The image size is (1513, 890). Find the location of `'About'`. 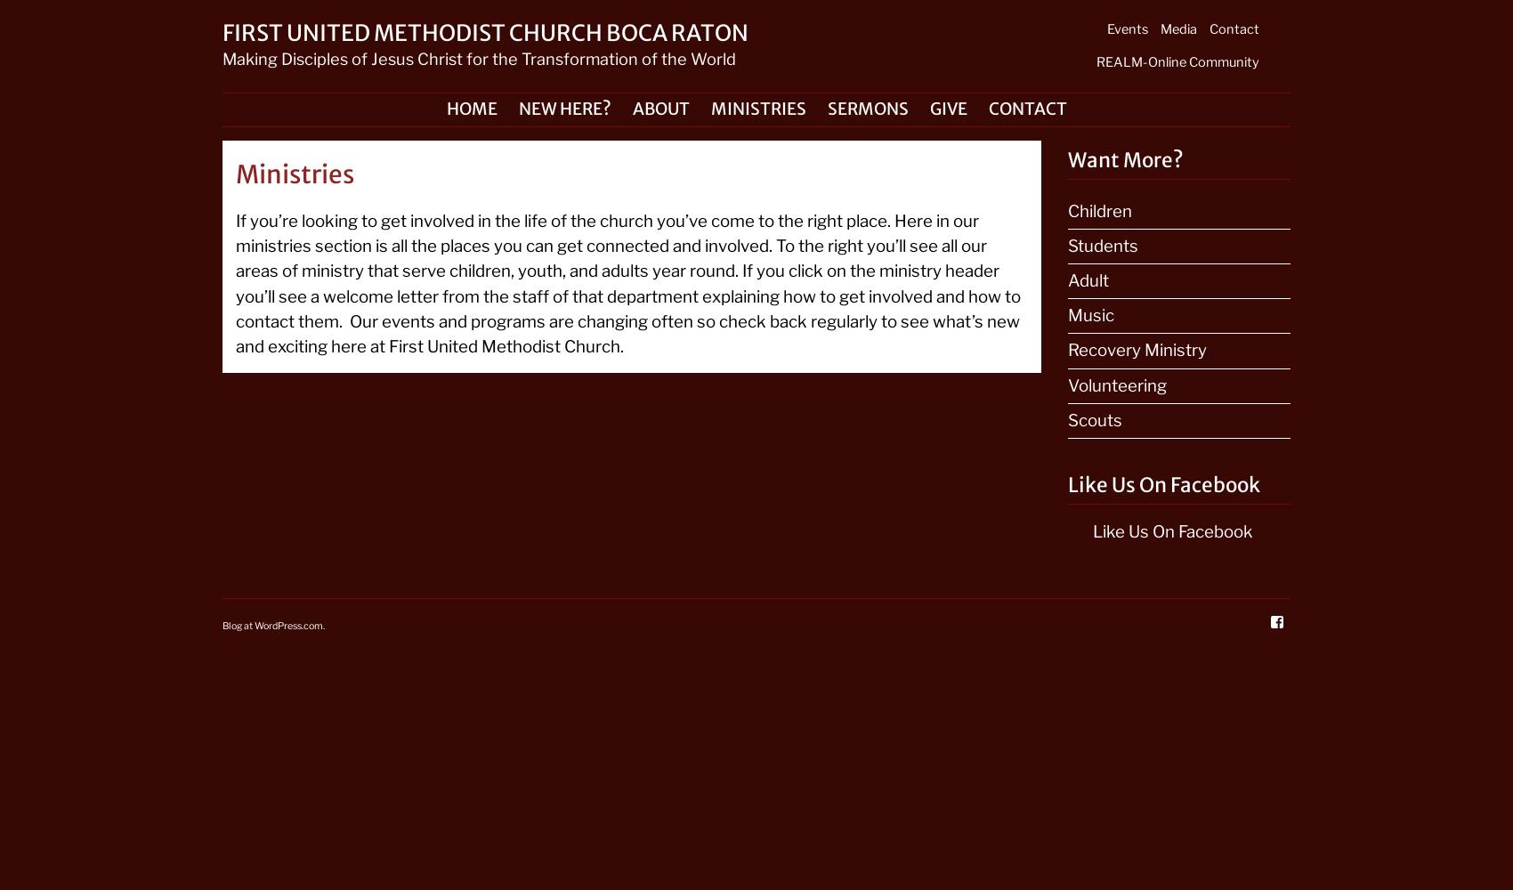

'About' is located at coordinates (660, 107).